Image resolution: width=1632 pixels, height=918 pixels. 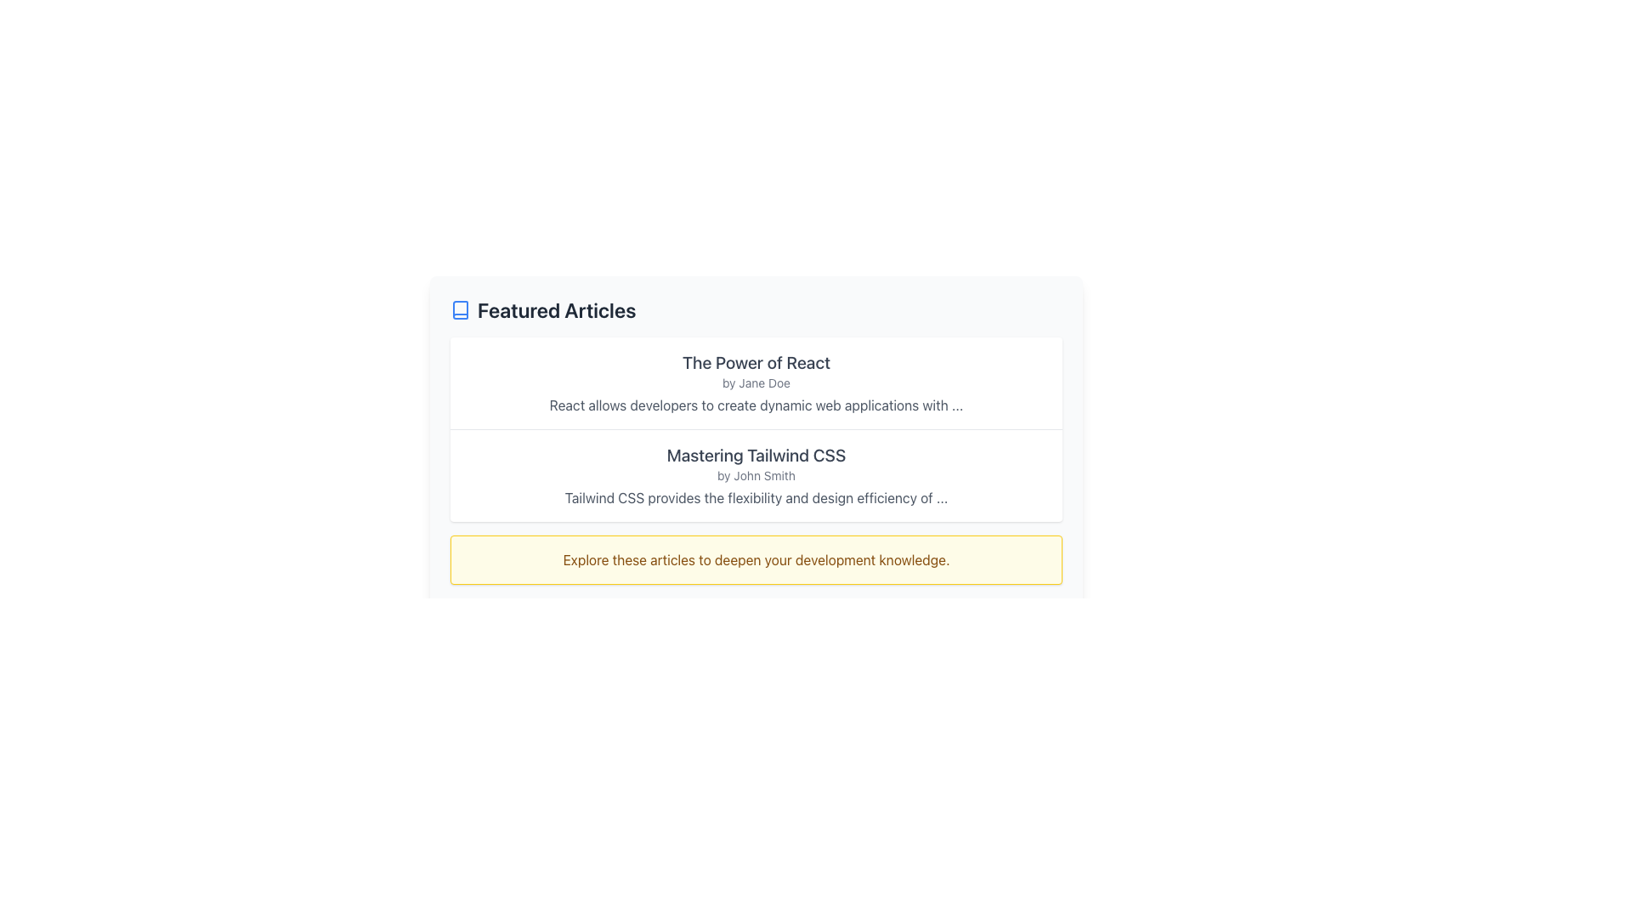 I want to click on the text label that says 'by Jane Doe', which is styled in light gray, positioned below the title 'The Power of React' in the card layout, so click(x=755, y=383).